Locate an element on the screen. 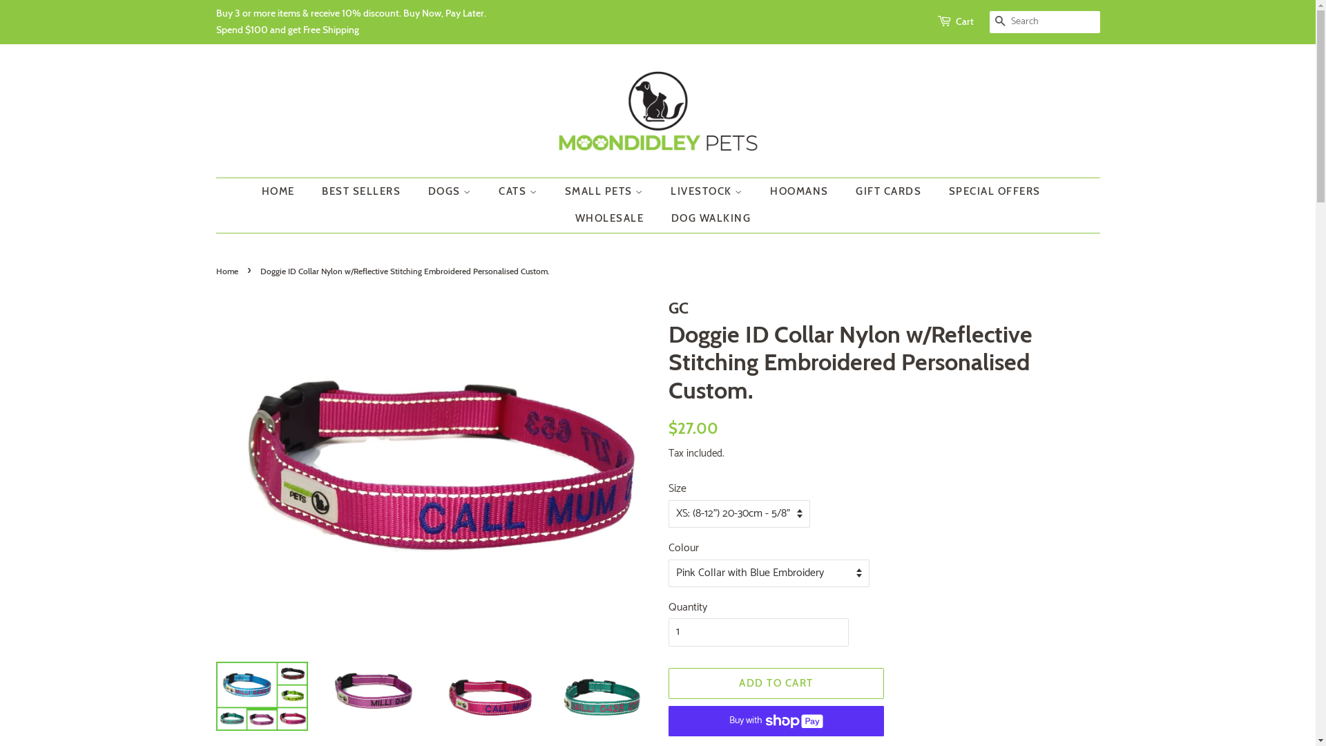  'SPECIAL OFFERS' is located at coordinates (995, 191).